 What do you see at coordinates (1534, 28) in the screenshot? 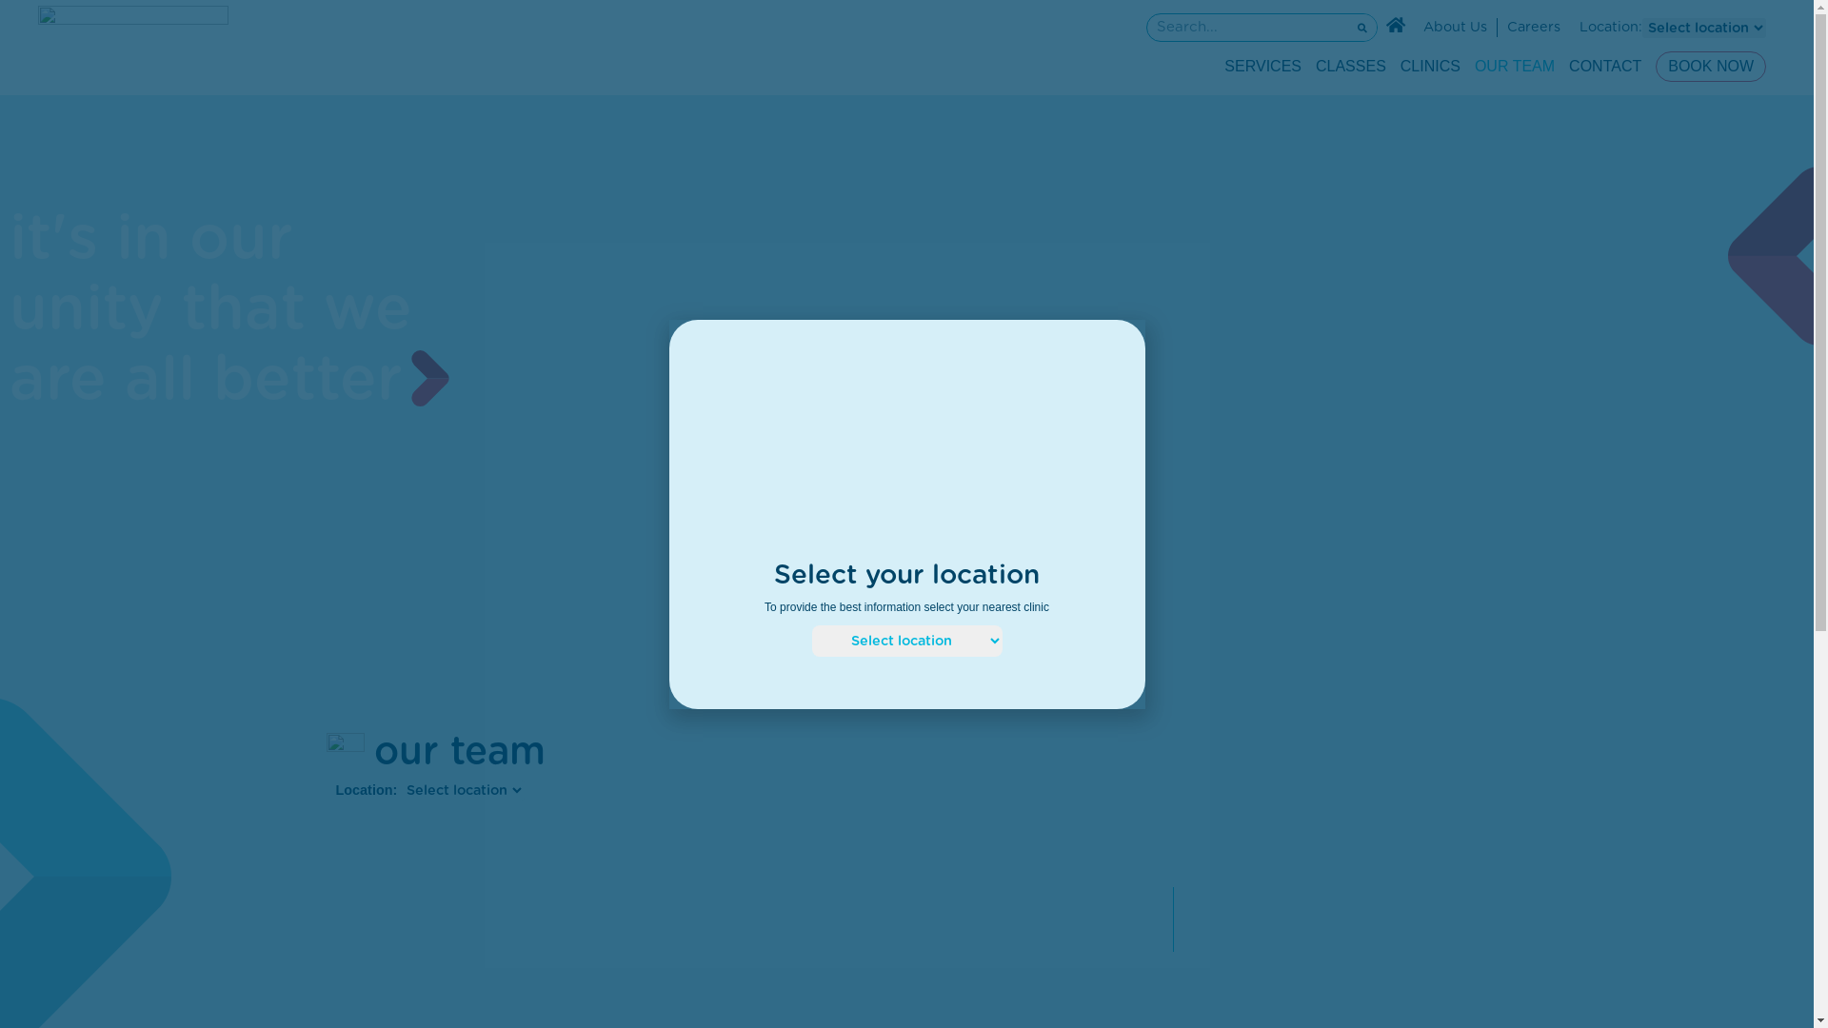
I see `'Careers'` at bounding box center [1534, 28].